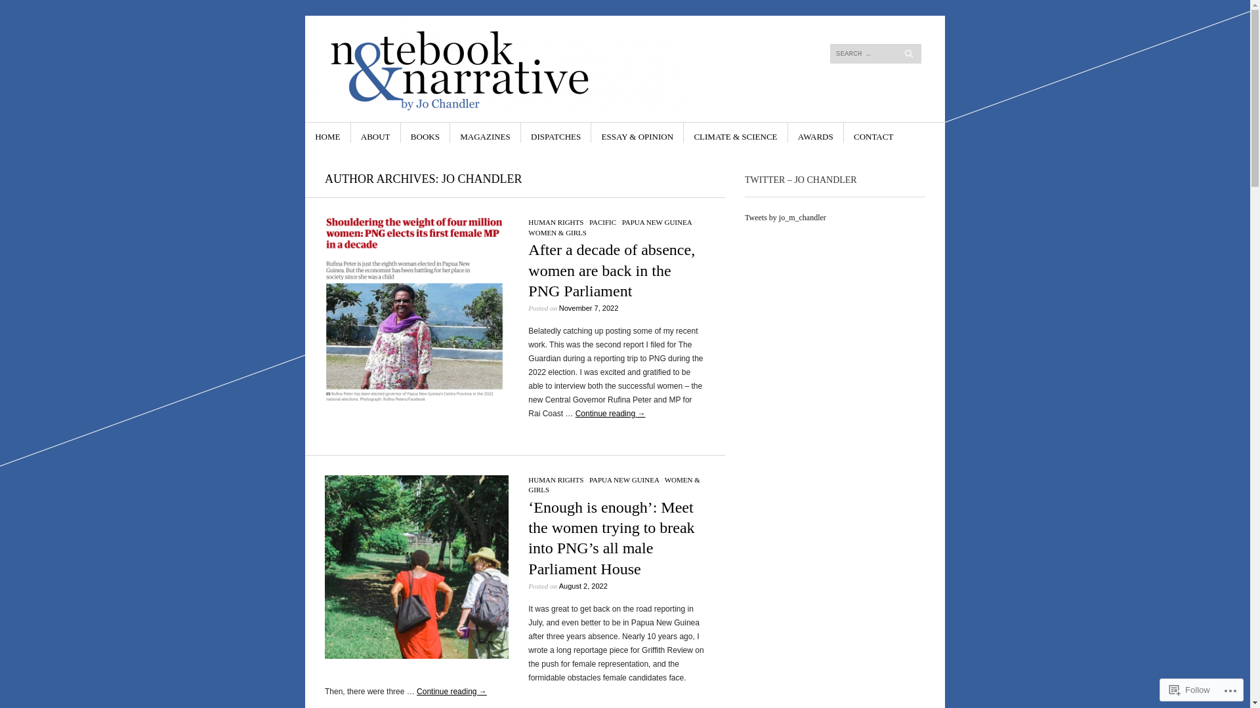 This screenshot has height=708, width=1260. I want to click on 'CONTACT', so click(853, 132).